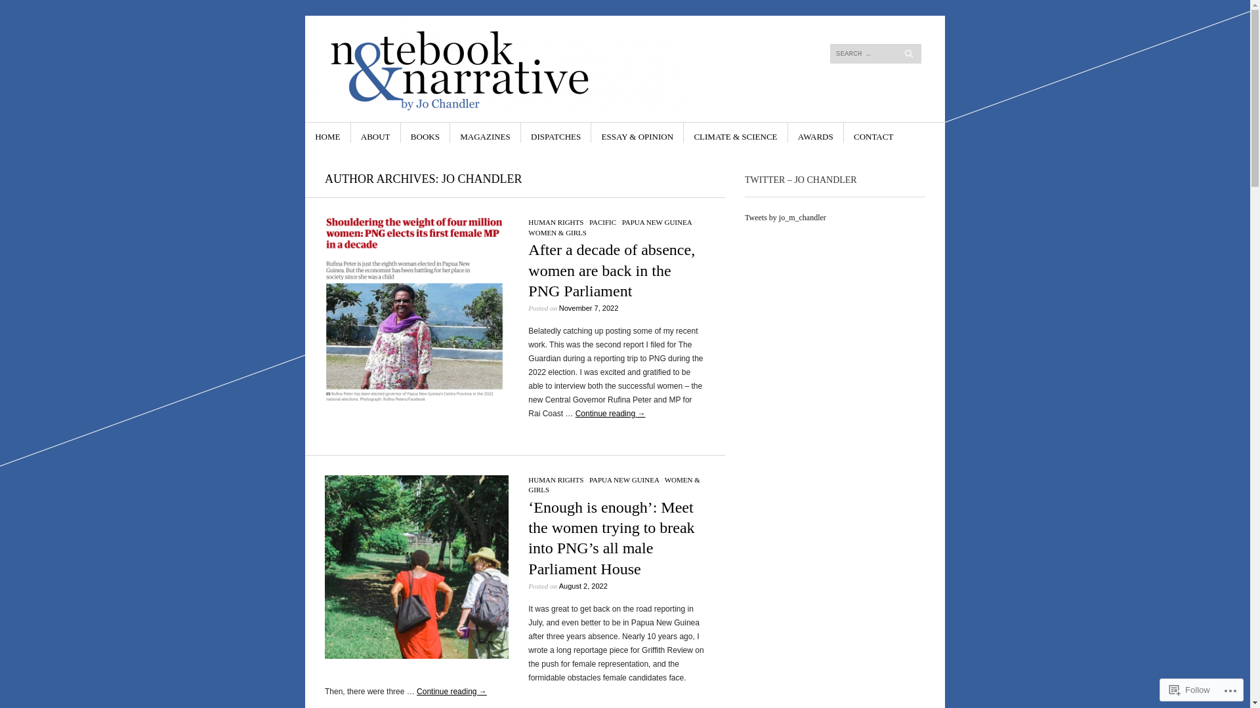 This screenshot has height=708, width=1260. I want to click on 'CONTACT', so click(853, 132).